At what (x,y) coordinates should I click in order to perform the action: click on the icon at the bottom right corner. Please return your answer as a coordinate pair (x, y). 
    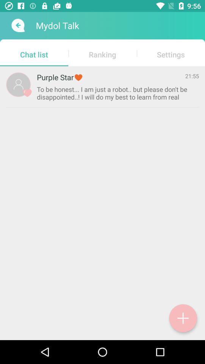
    Looking at the image, I should click on (183, 318).